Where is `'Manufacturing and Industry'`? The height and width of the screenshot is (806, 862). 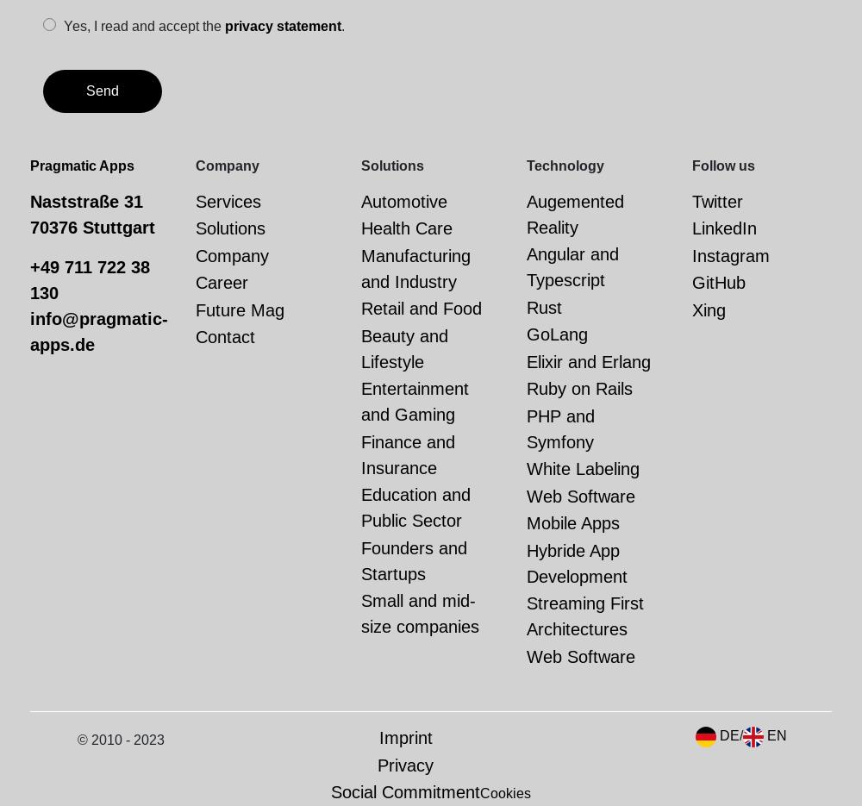
'Manufacturing and Industry' is located at coordinates (415, 268).